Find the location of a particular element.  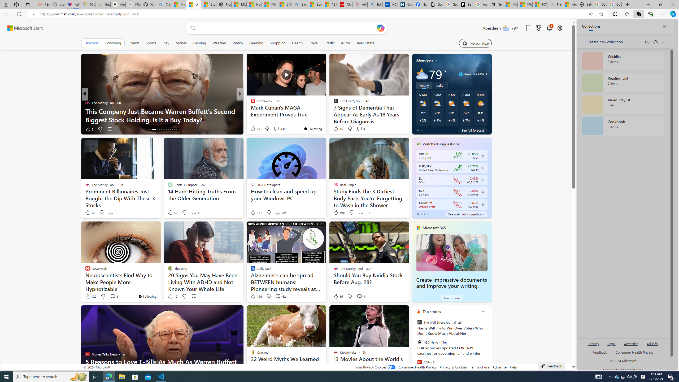

'12 Like' is located at coordinates (89, 212).